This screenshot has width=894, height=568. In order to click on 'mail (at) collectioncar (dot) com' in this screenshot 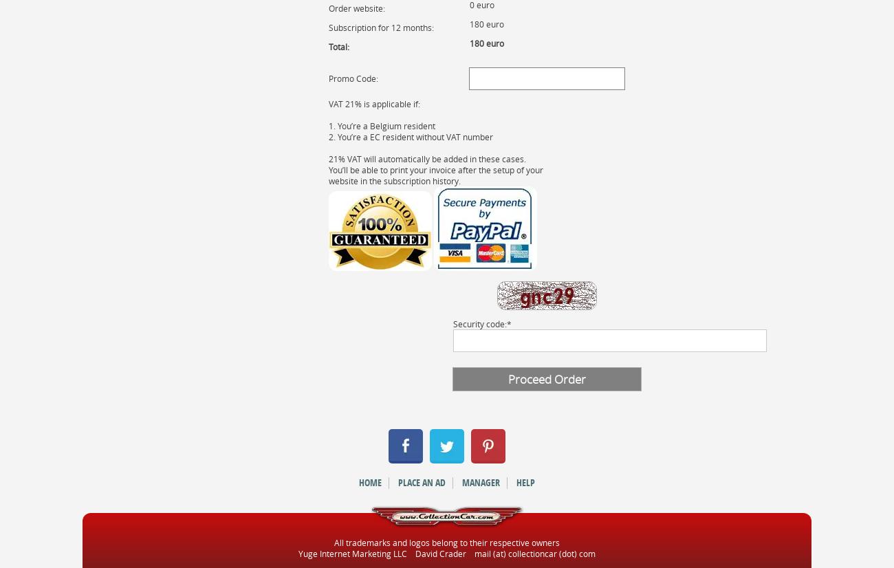, I will do `click(473, 552)`.